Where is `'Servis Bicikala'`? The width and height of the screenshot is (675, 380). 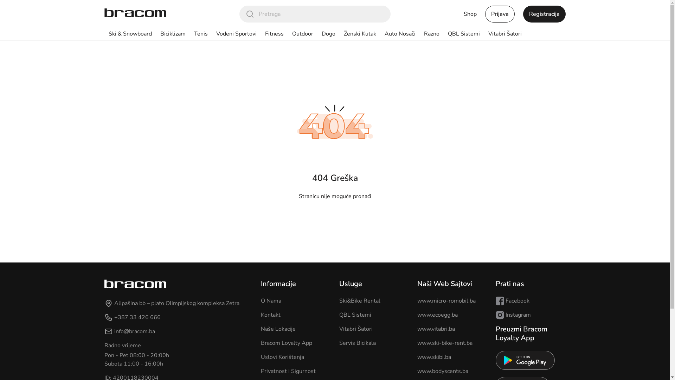 'Servis Bicikala' is located at coordinates (357, 343).